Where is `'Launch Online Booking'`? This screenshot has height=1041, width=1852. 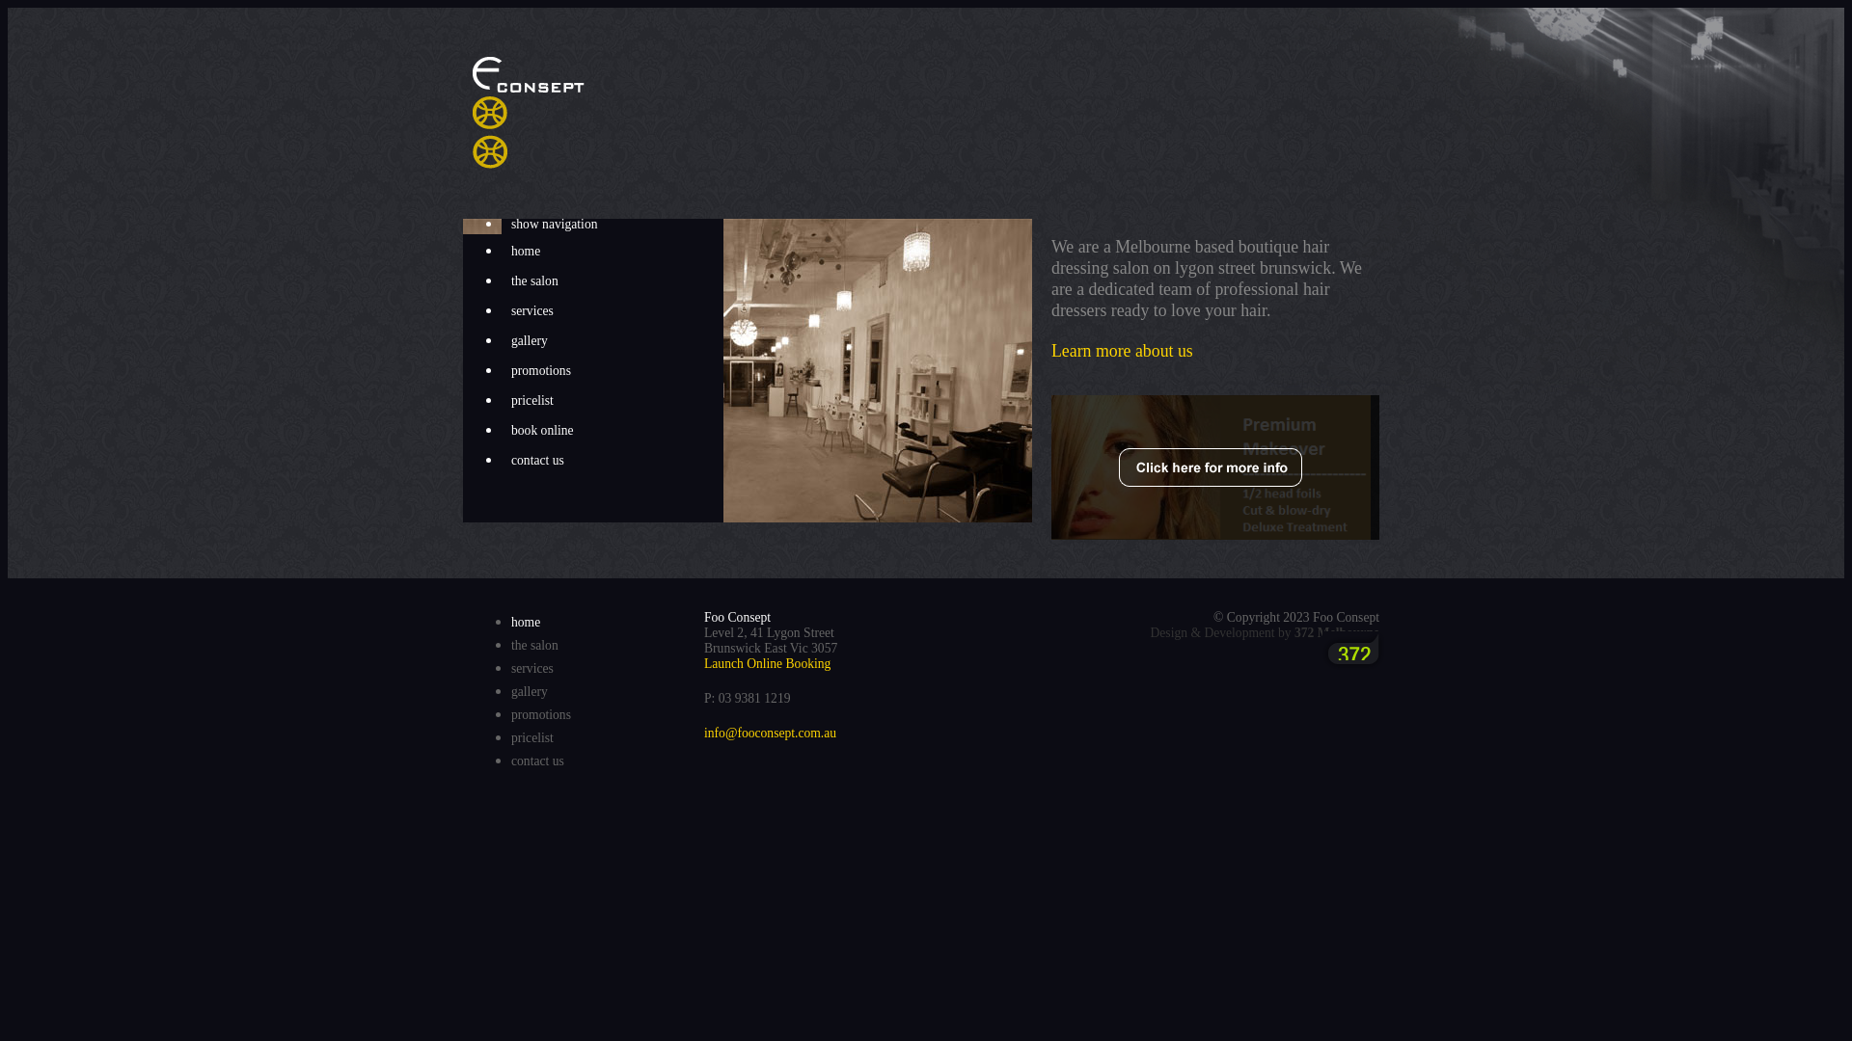 'Launch Online Booking' is located at coordinates (702, 662).